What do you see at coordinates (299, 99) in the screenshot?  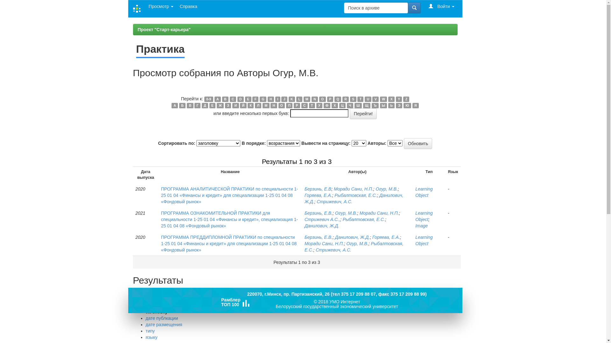 I see `'L'` at bounding box center [299, 99].